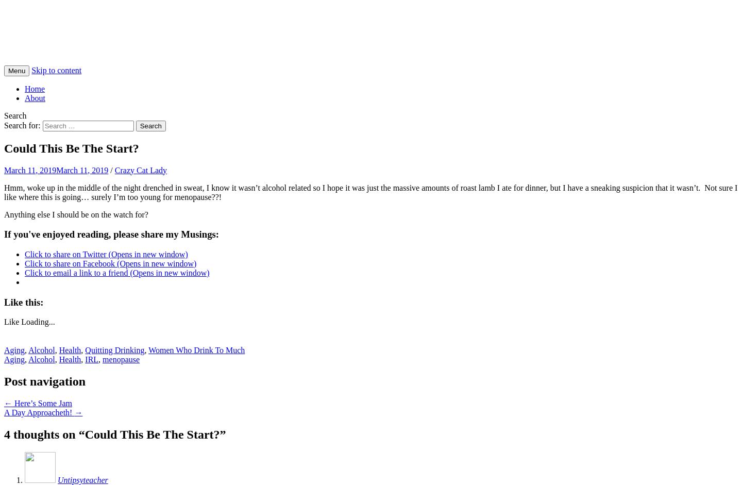 The width and height of the screenshot is (742, 485). What do you see at coordinates (106, 254) in the screenshot?
I see `'Click to share on Twitter (Opens in new window)'` at bounding box center [106, 254].